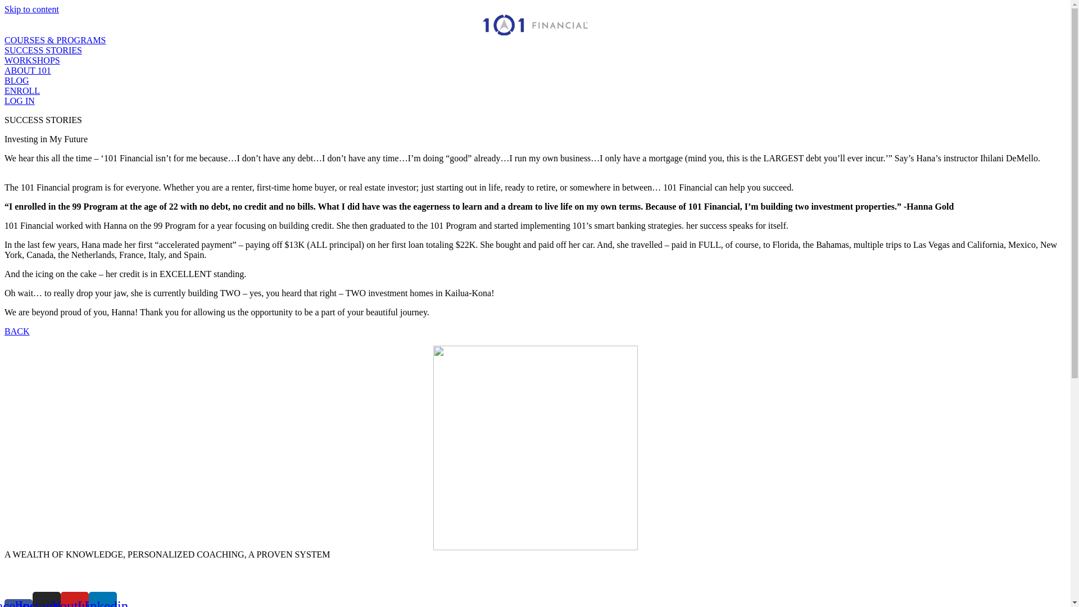 Image resolution: width=1079 pixels, height=607 pixels. I want to click on 'BACK', so click(16, 330).